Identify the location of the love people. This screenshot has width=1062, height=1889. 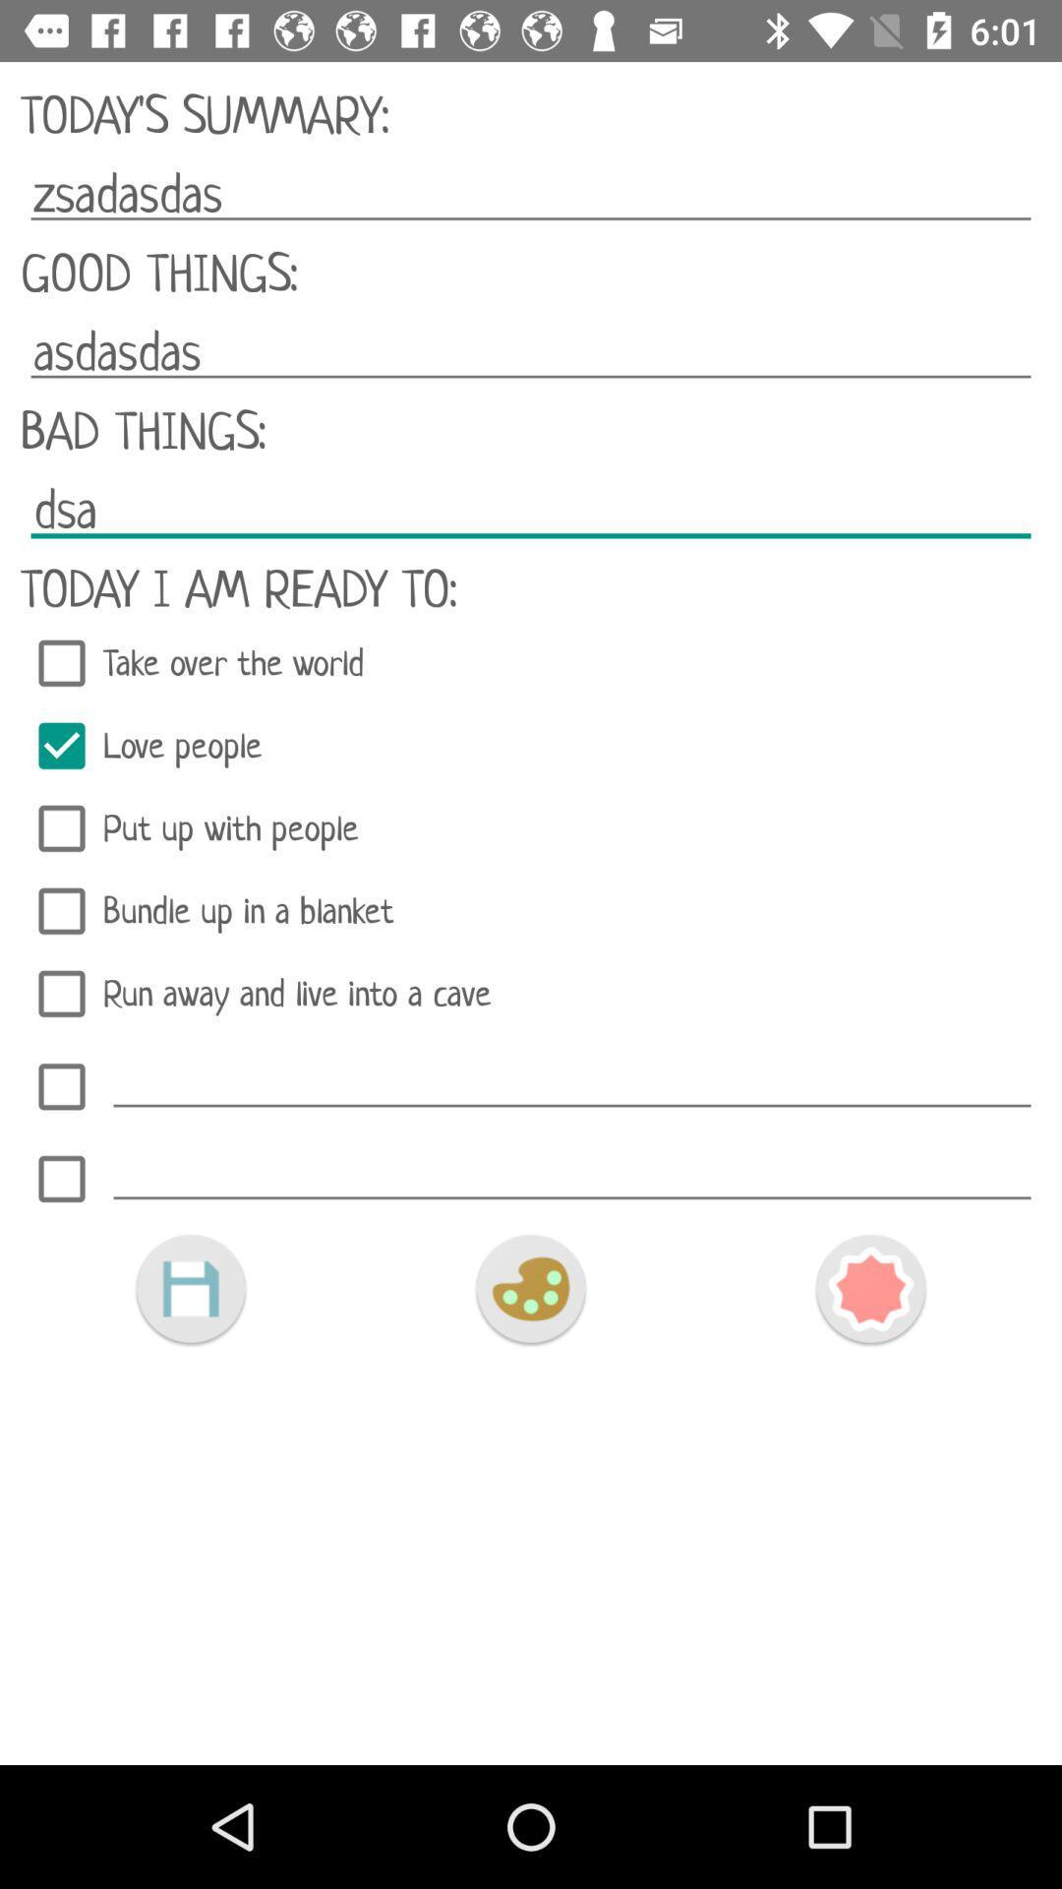
(531, 745).